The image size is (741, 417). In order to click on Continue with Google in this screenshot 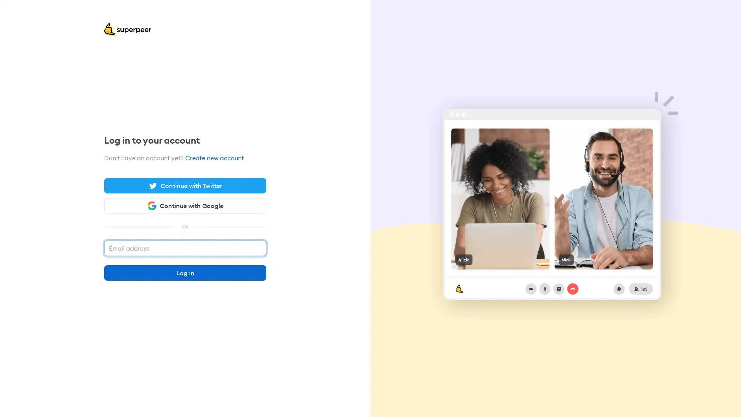, I will do `click(185, 205)`.